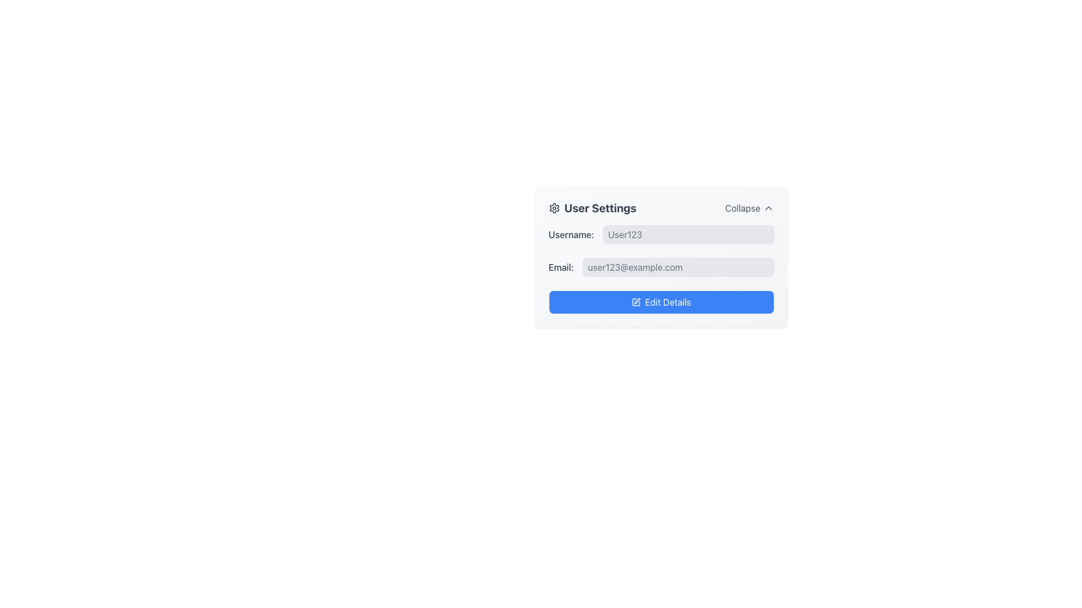 This screenshot has width=1082, height=608. Describe the element at coordinates (561, 267) in the screenshot. I see `the descriptive Text Label element for the email input field in the User Settings card interface` at that location.